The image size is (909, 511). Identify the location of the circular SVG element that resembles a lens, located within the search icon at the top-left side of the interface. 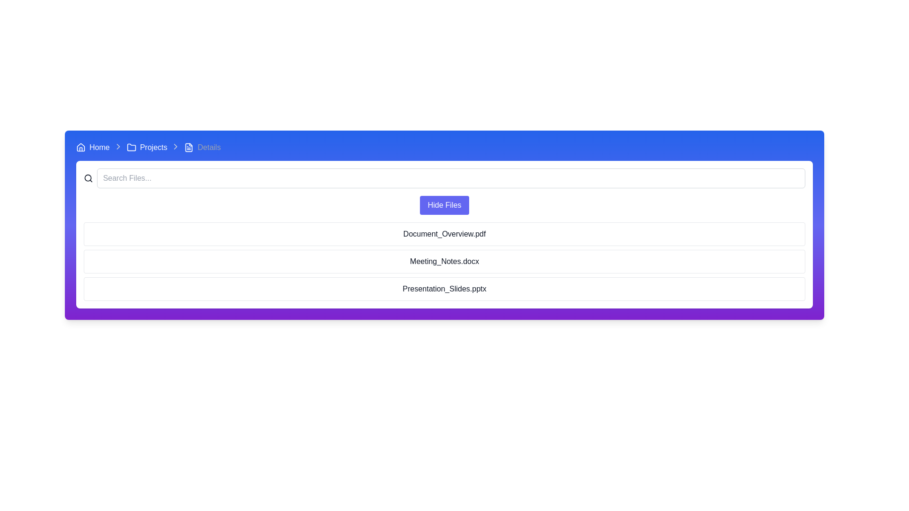
(88, 178).